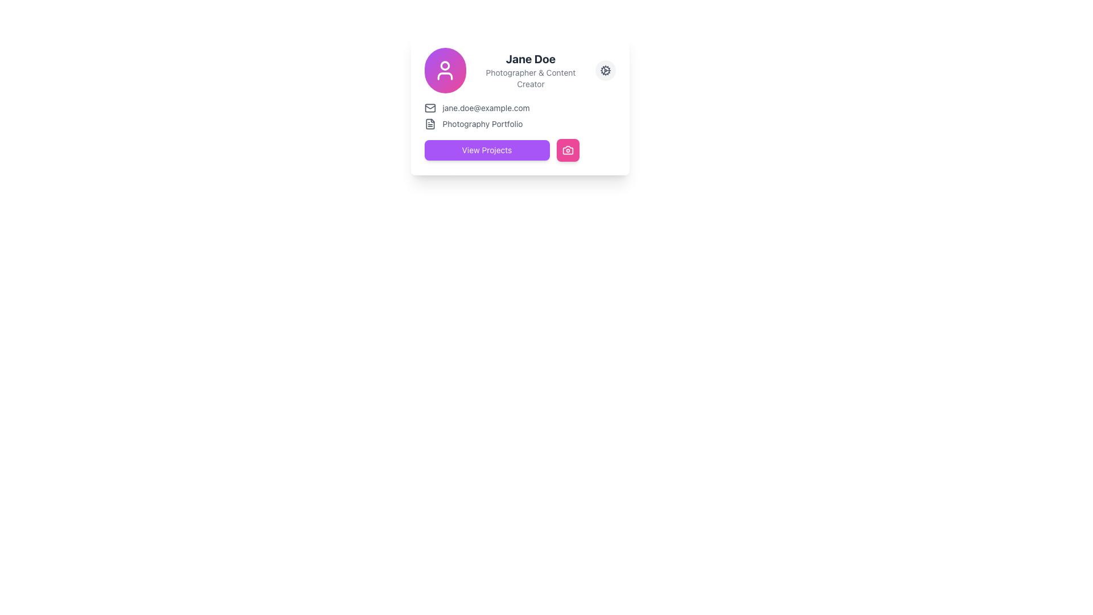 Image resolution: width=1093 pixels, height=615 pixels. What do you see at coordinates (519, 149) in the screenshot?
I see `the 'View Projects' button` at bounding box center [519, 149].